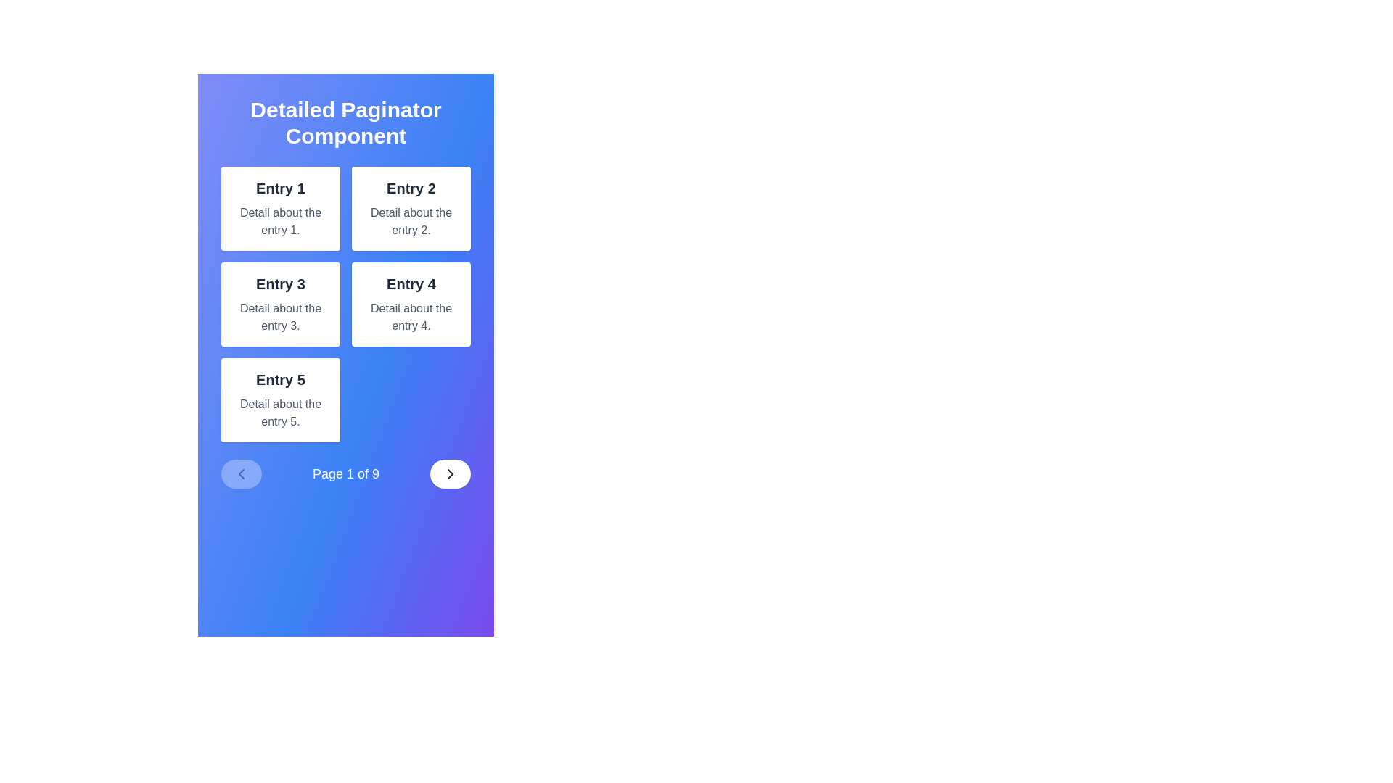  Describe the element at coordinates (410, 209) in the screenshot. I see `the second card in the upper-right corner of the grid layout` at that location.